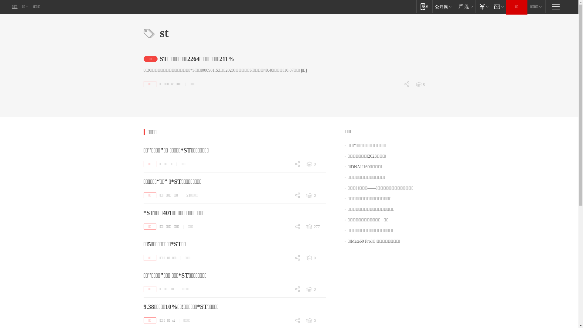  I want to click on '0', so click(315, 164).